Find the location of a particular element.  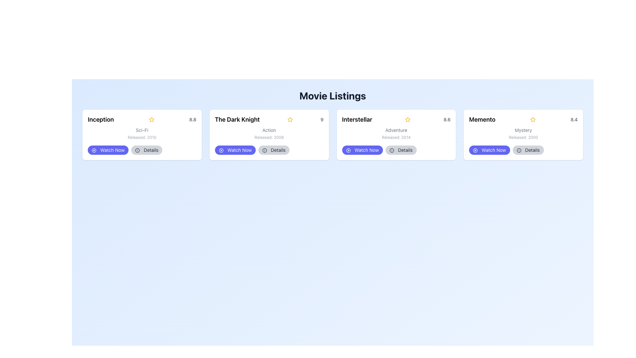

the SVG Circle within the 'Watch Now' button located under the 'Memento' movie card in the fourth card of the horizontal grid layout is located at coordinates (475, 150).